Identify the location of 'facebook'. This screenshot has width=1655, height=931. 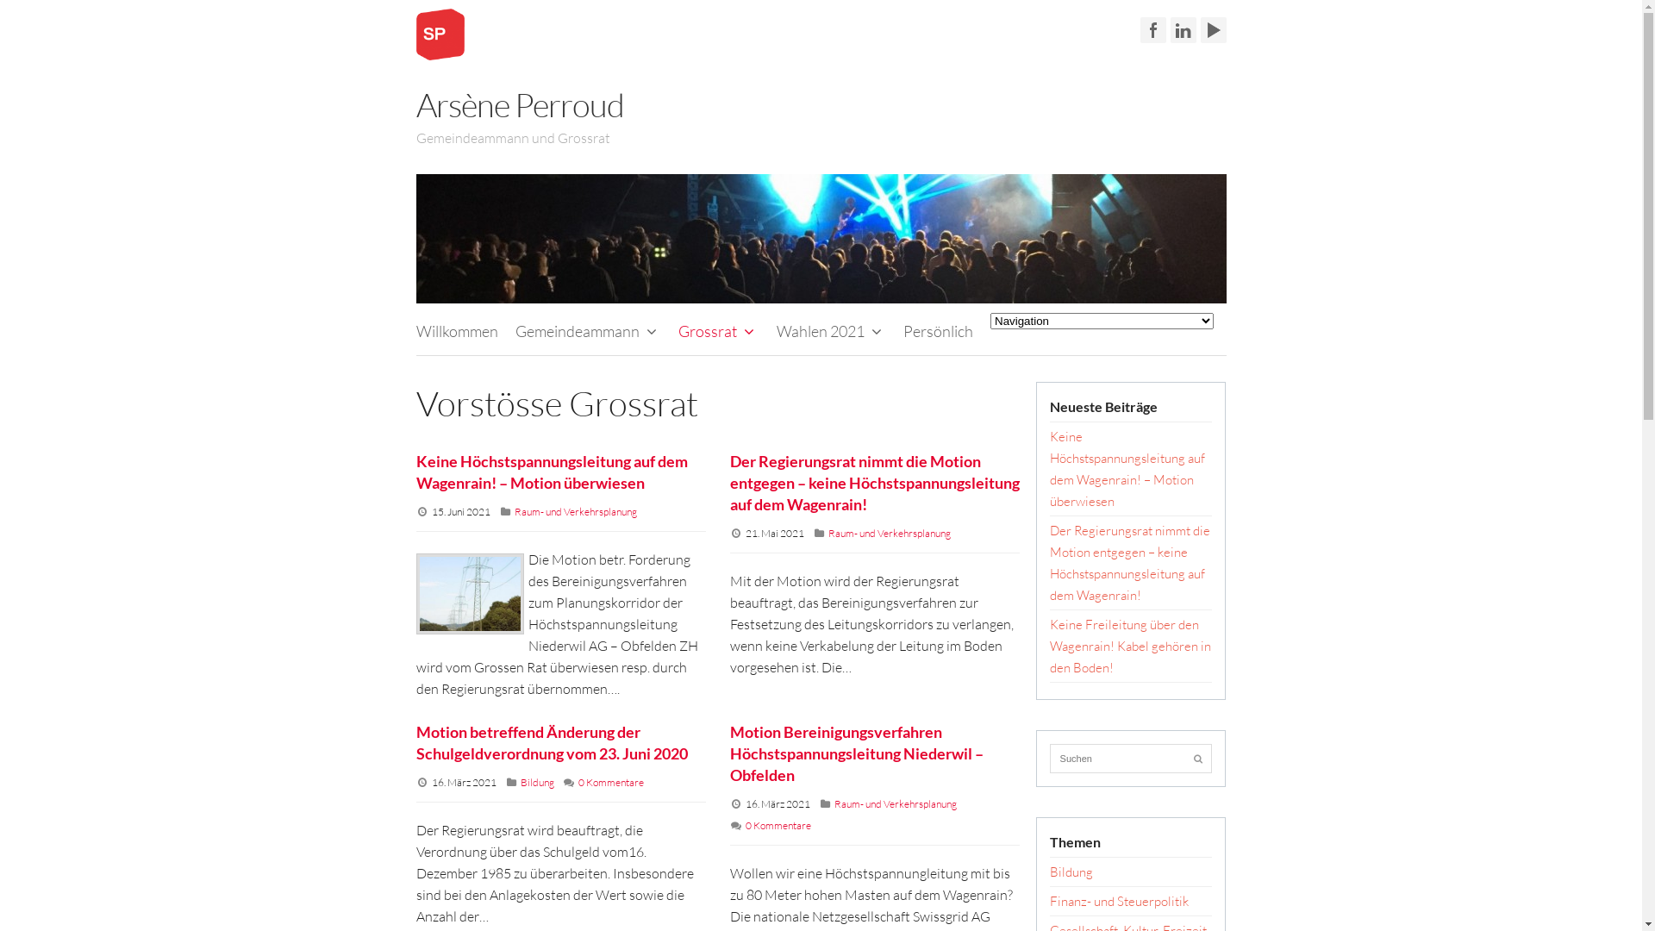
(1139, 29).